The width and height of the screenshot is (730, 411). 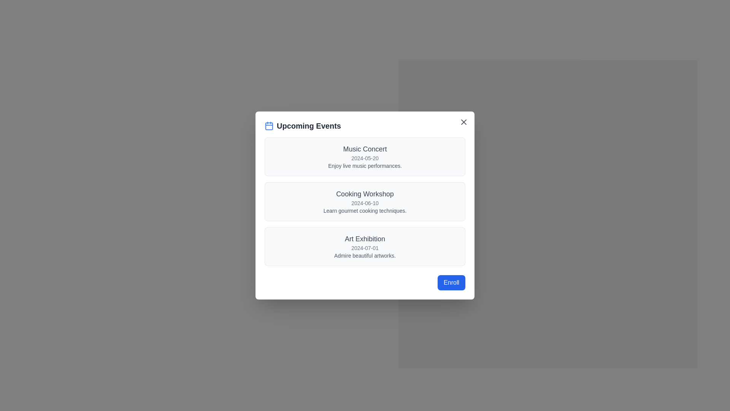 I want to click on the 'Enroll' button located at the bottom-right corner of the 'Upcoming Events' modal, which has a blue background and white text, so click(x=451, y=283).